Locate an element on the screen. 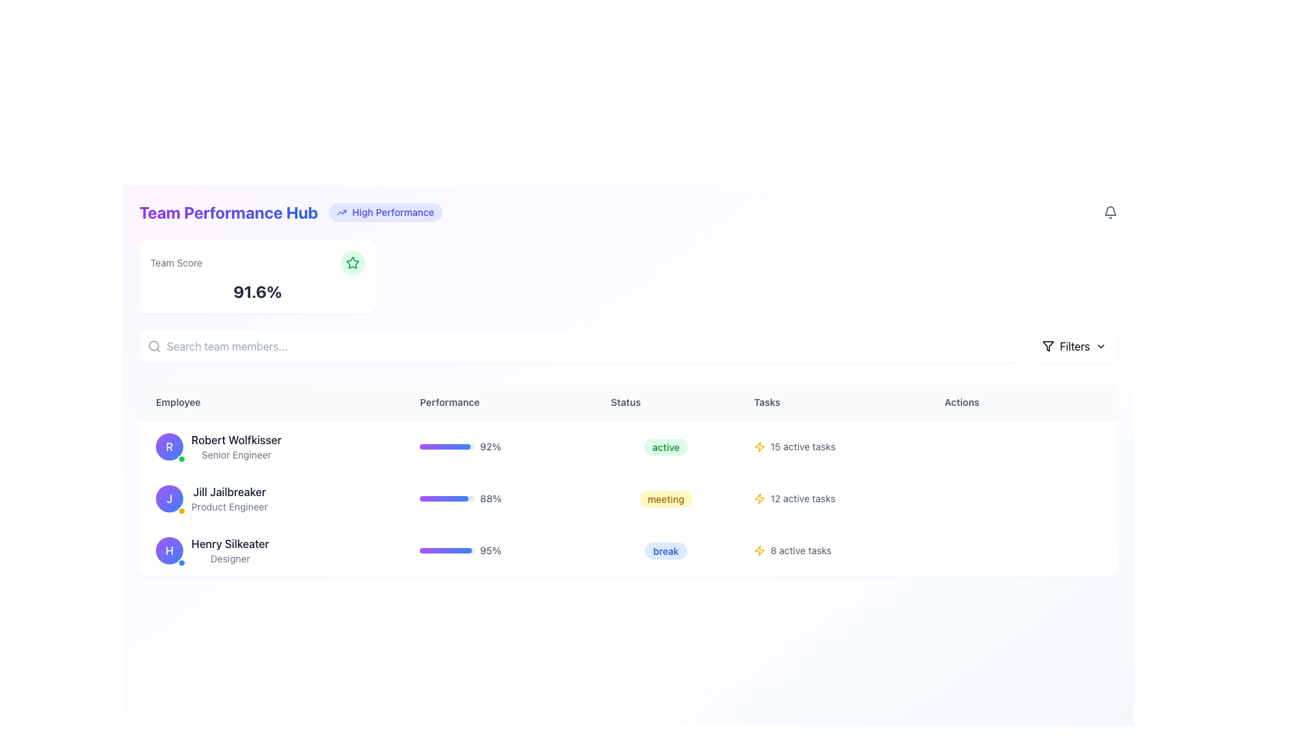 The height and width of the screenshot is (738, 1313). the last cell in the 'Actions' column of the table associated with 'Jill Jailbreaker', which is currently an empty slot is located at coordinates (1022, 498).